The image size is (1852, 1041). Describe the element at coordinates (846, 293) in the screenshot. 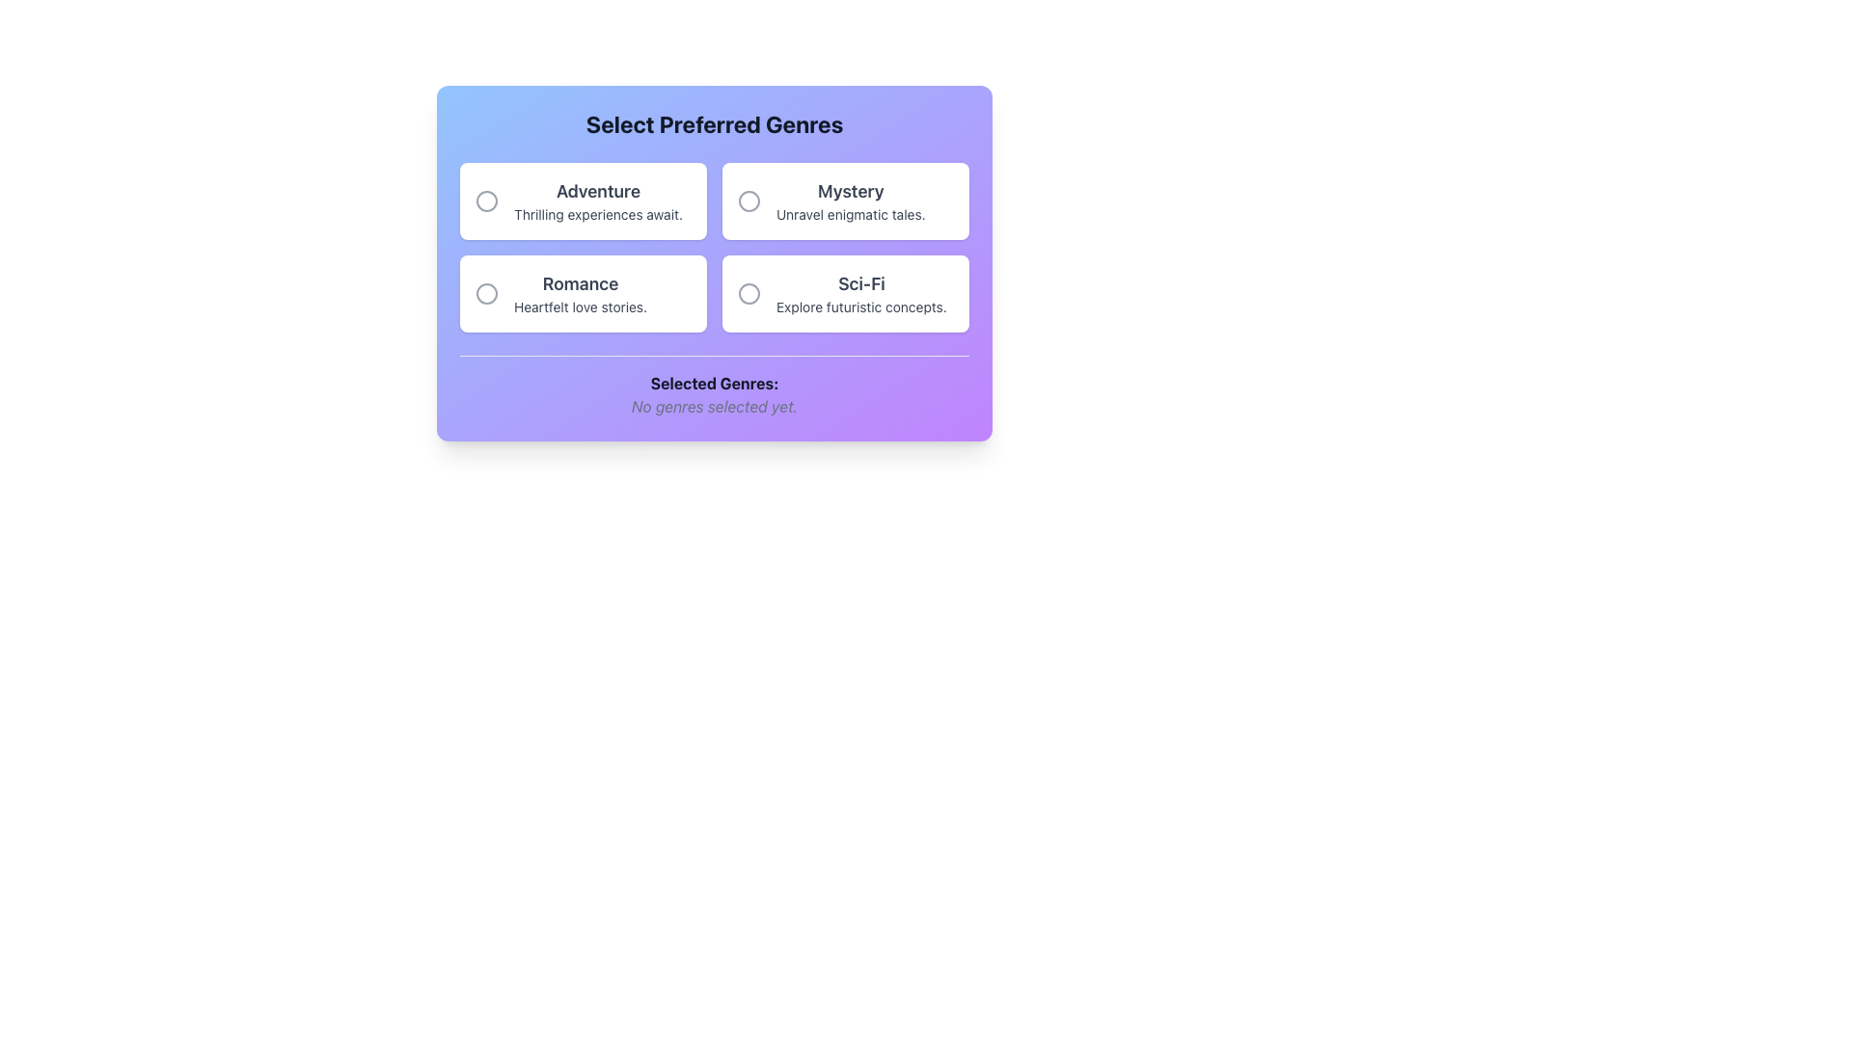

I see `the 'Sci-Fi' genre option button located in the bottom-right of the 2x2 grid layout` at that location.